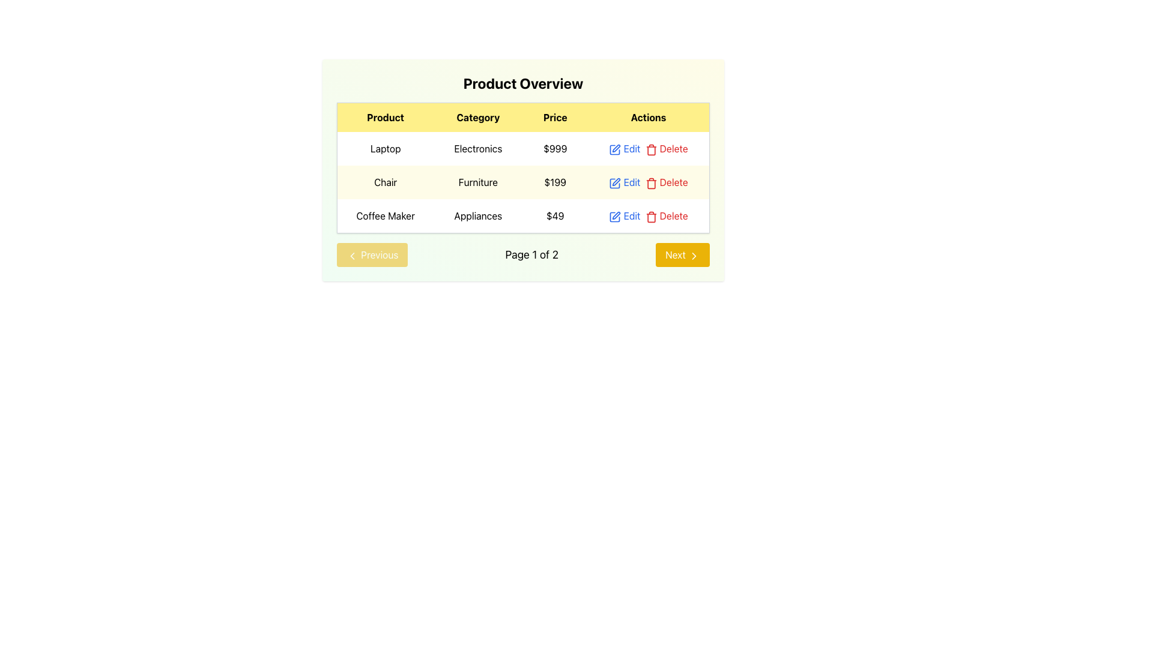  I want to click on the text label indicating the product category in the 'Product Overview' table, located in the second column of the first row under the 'Category' header, so click(477, 148).